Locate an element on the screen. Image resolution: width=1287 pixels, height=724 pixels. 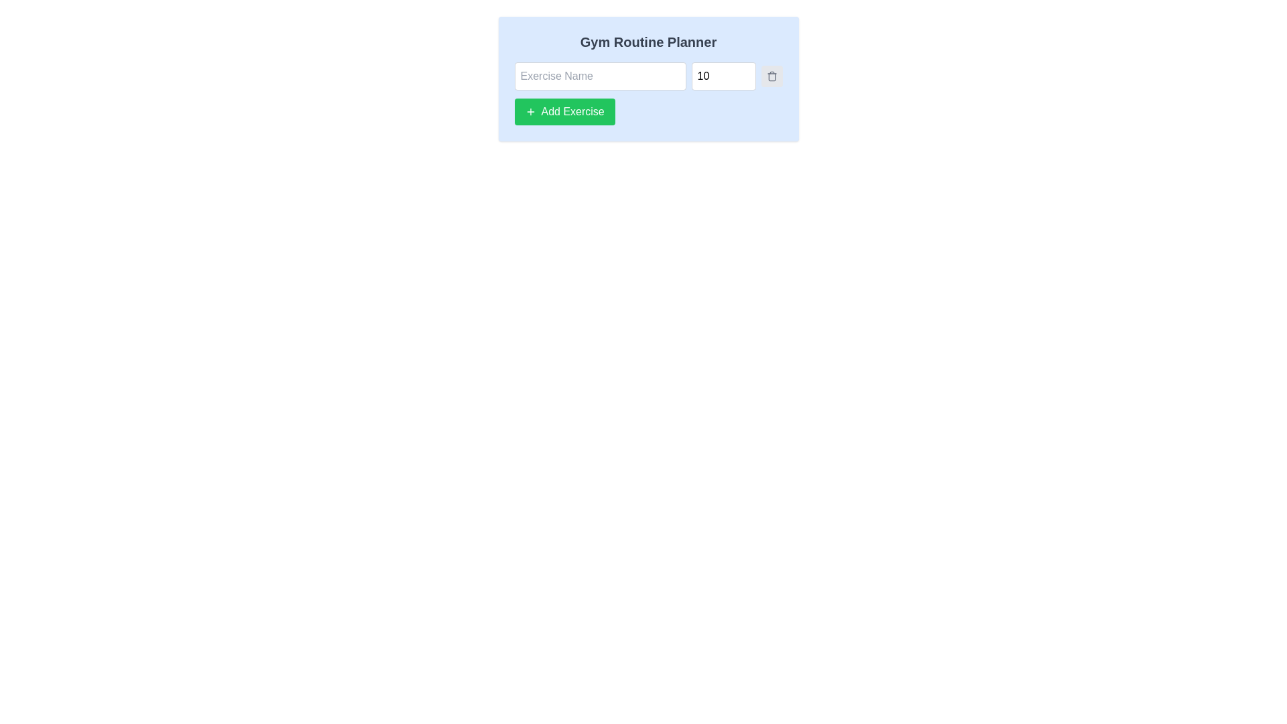
the small plus icon located within the 'Add Exercise' green button, which is characterized by two intersecting lines forming a cross is located at coordinates (530, 111).